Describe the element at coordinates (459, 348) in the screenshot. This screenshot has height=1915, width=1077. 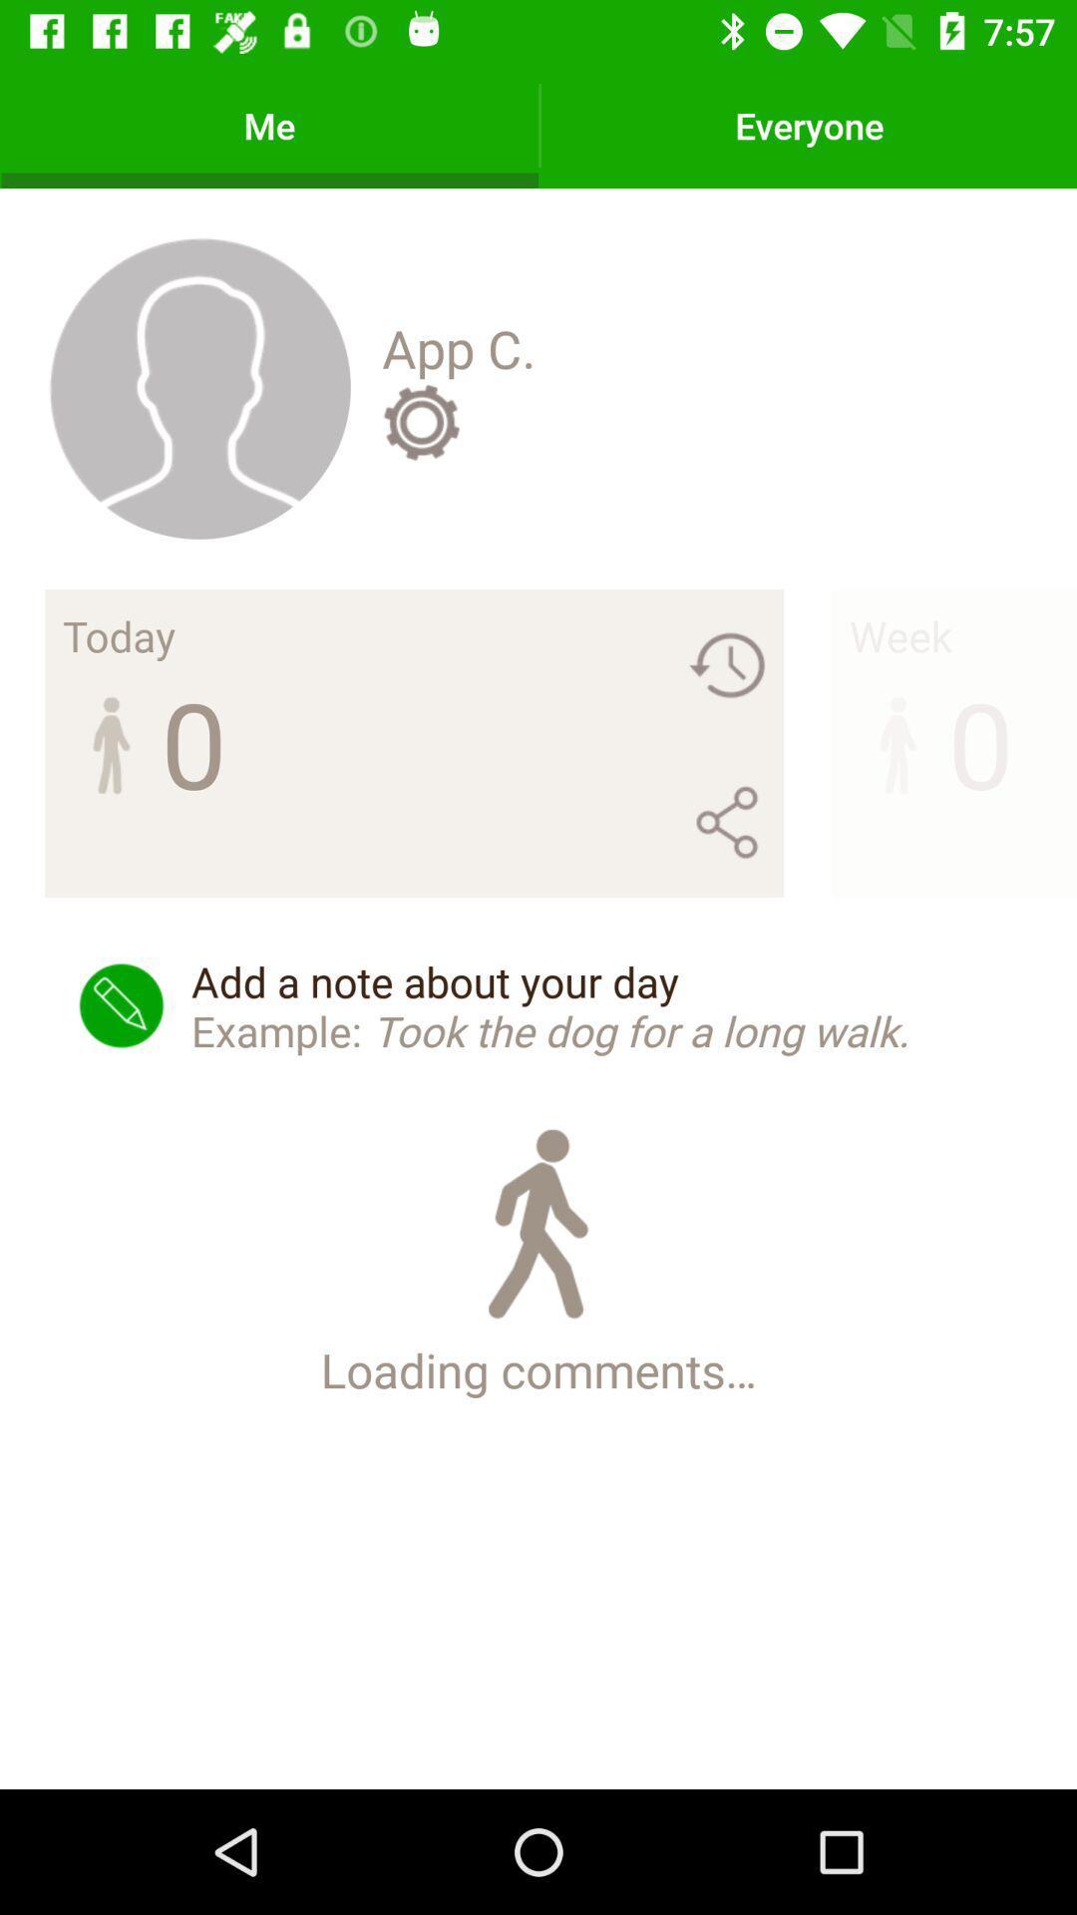
I see `the app c. icon` at that location.